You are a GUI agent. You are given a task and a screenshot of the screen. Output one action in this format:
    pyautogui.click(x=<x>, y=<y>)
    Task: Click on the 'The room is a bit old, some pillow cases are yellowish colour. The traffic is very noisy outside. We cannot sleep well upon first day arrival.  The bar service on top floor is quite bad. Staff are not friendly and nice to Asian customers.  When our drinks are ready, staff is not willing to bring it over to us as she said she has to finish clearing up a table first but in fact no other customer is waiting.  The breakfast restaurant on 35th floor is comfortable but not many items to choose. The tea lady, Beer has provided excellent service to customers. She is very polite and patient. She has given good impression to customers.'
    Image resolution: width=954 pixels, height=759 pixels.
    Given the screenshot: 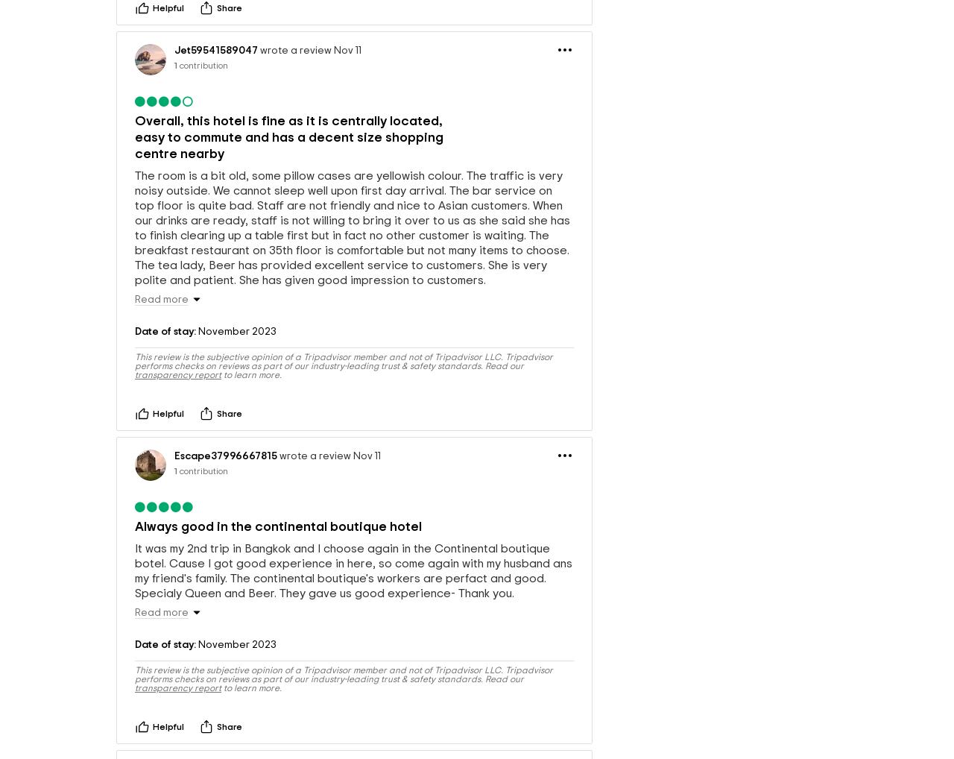 What is the action you would take?
    pyautogui.click(x=134, y=268)
    